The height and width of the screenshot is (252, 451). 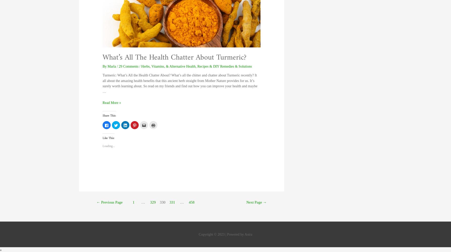 I want to click on '458', so click(x=188, y=202).